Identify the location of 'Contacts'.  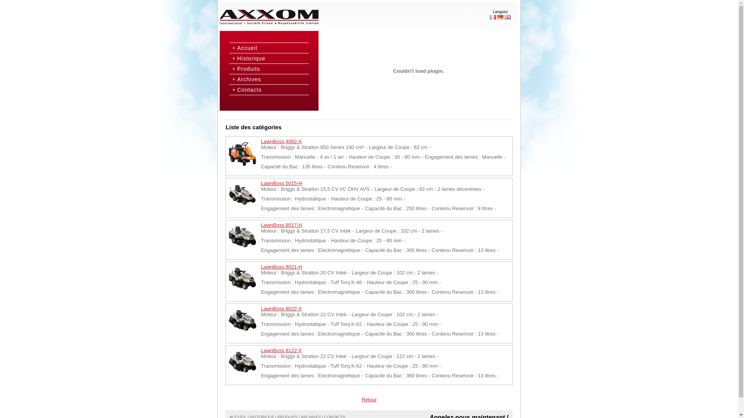
(272, 89).